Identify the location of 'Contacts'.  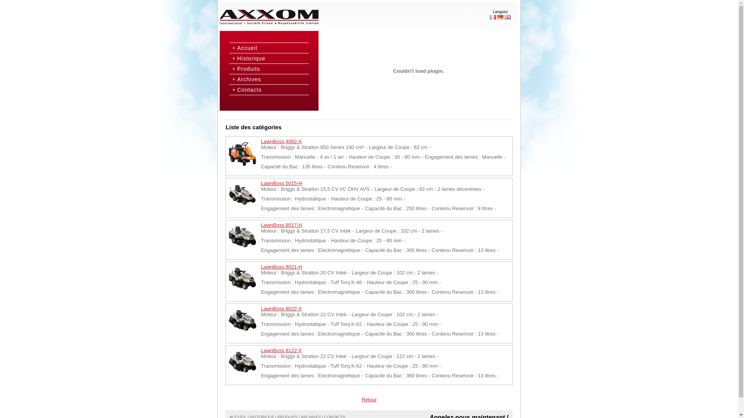
(272, 89).